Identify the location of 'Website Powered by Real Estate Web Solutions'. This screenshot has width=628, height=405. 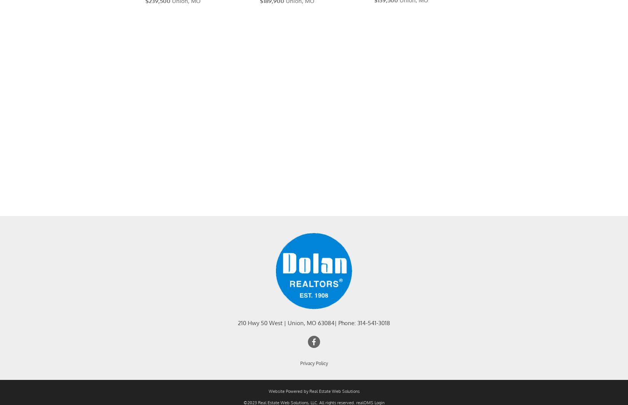
(313, 401).